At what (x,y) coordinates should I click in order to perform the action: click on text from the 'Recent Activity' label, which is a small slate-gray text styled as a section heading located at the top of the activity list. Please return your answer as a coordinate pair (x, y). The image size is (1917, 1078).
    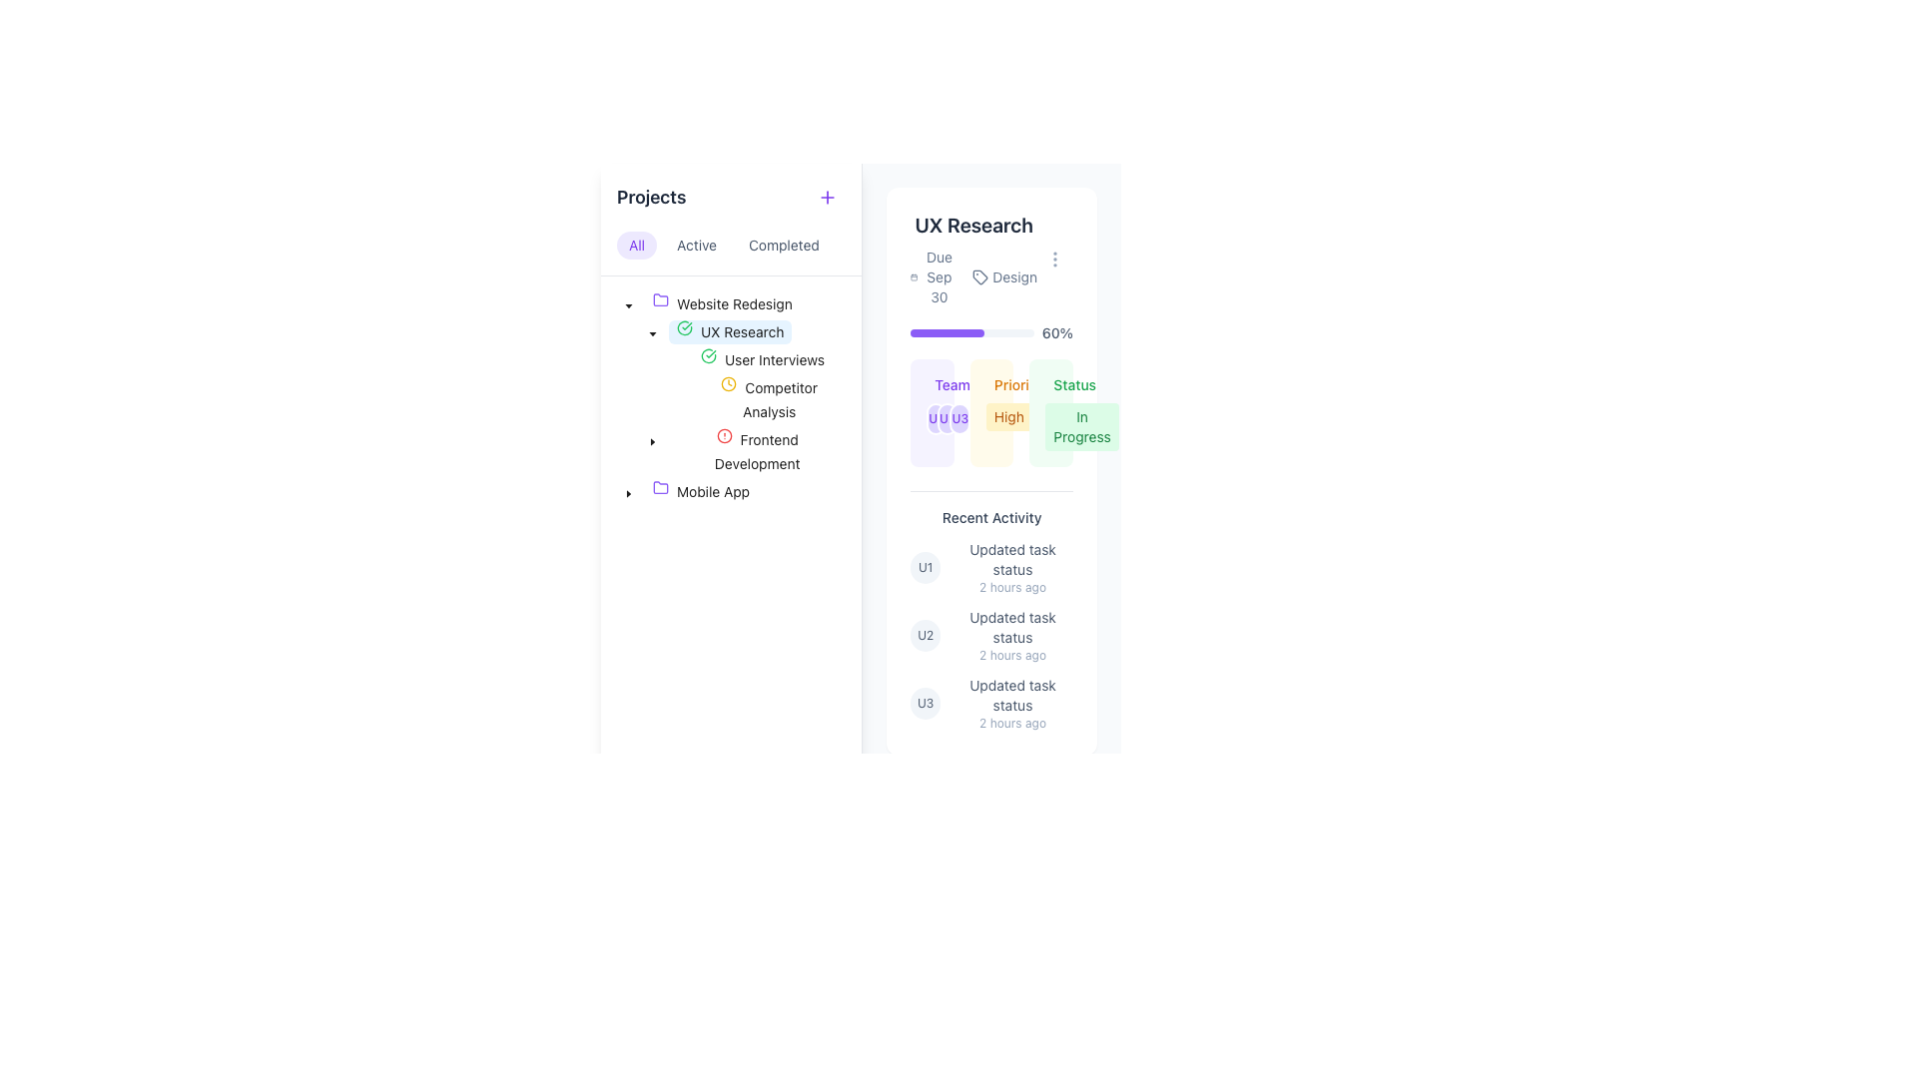
    Looking at the image, I should click on (991, 517).